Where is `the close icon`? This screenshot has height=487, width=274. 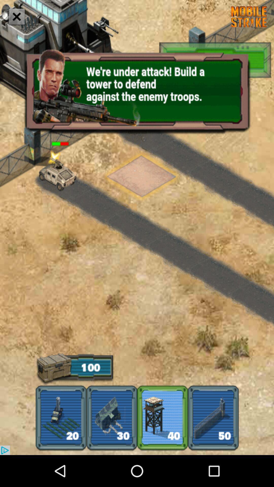
the close icon is located at coordinates (16, 18).